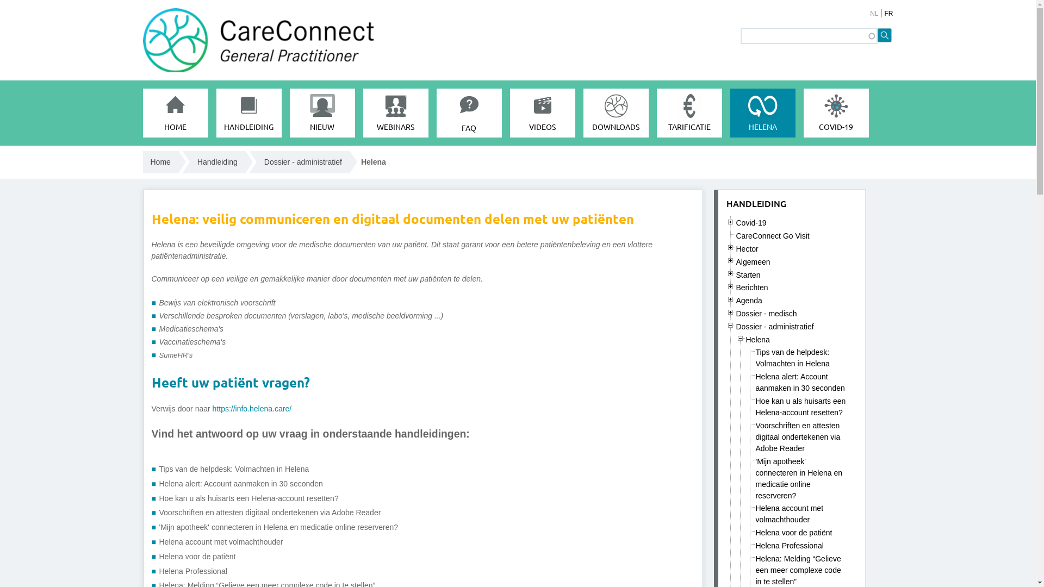 This screenshot has width=1044, height=587. What do you see at coordinates (216, 113) in the screenshot?
I see `'HANDLEIDING'` at bounding box center [216, 113].